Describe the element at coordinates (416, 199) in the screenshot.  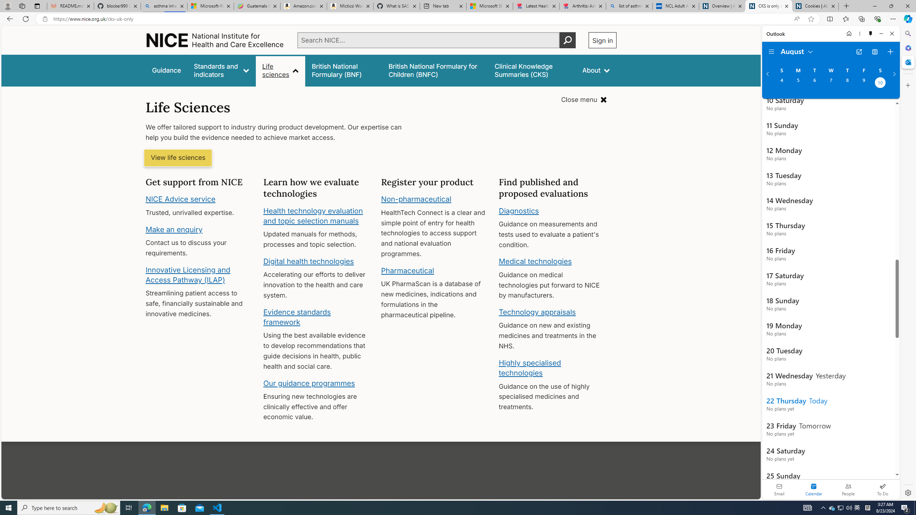
I see `'Non-pharmaceutical'` at that location.